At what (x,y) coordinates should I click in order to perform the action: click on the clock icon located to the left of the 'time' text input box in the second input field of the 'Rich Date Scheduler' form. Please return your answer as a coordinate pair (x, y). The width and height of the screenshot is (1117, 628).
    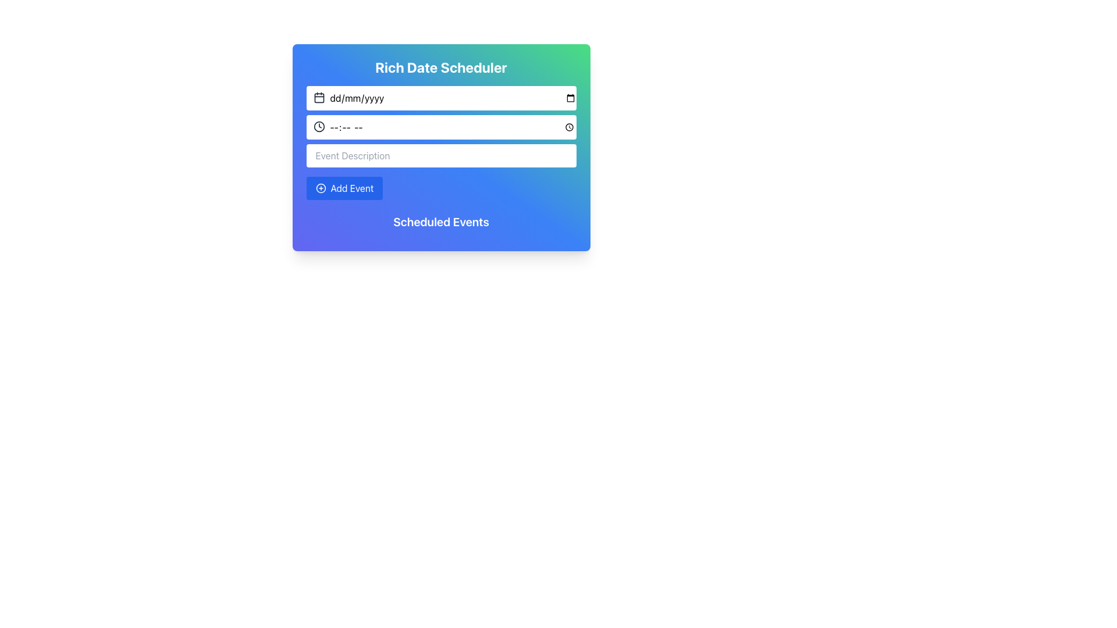
    Looking at the image, I should click on (319, 127).